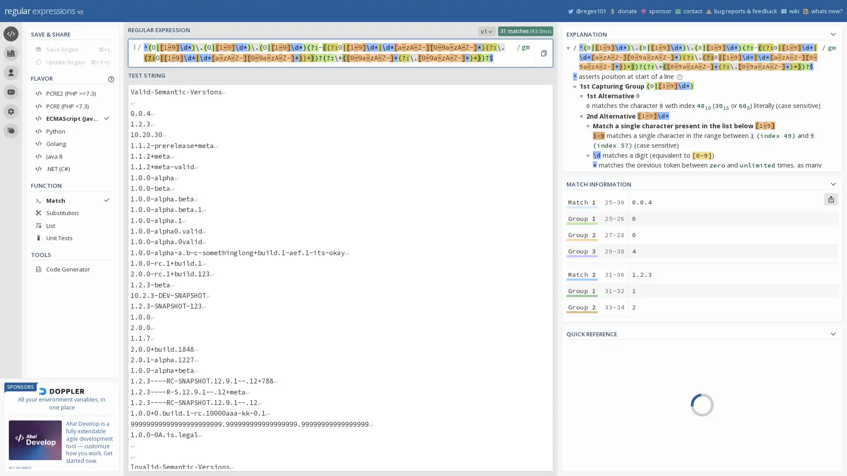  What do you see at coordinates (576, 305) in the screenshot?
I see `Collapse Subtree` at bounding box center [576, 305].